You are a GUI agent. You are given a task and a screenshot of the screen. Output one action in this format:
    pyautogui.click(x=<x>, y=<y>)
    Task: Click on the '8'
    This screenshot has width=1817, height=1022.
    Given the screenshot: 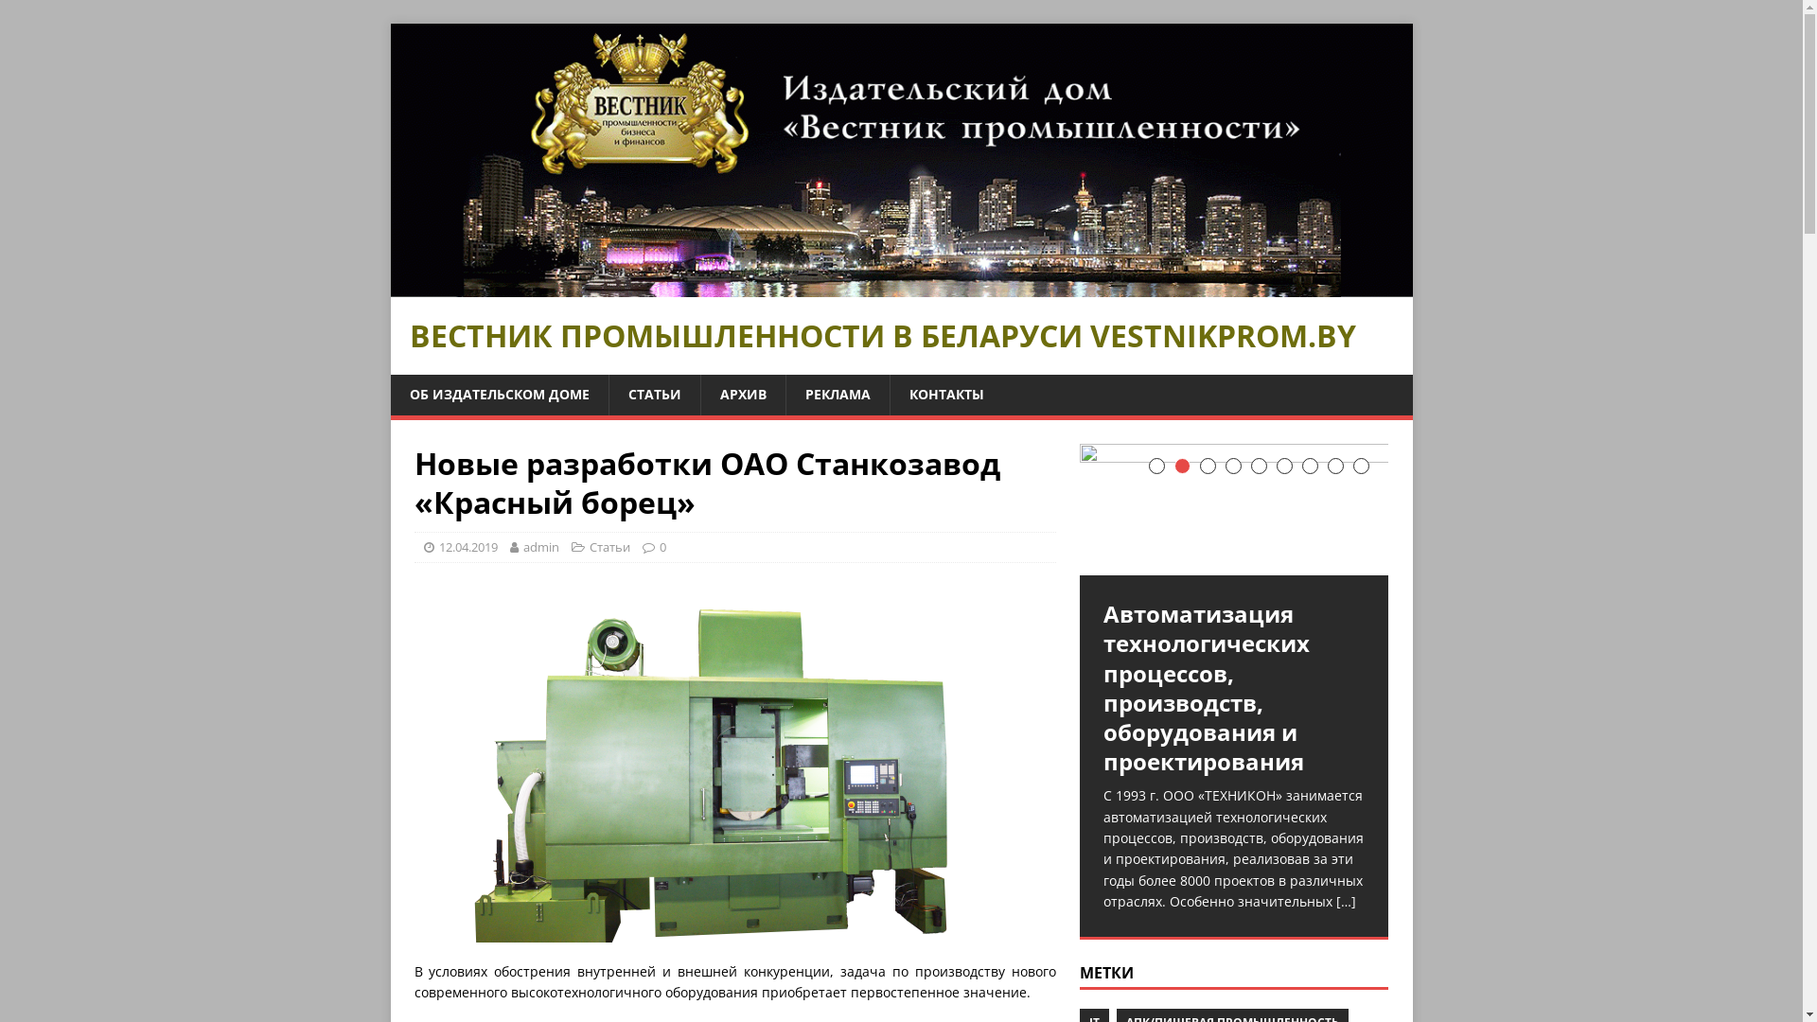 What is the action you would take?
    pyautogui.click(x=1326, y=466)
    